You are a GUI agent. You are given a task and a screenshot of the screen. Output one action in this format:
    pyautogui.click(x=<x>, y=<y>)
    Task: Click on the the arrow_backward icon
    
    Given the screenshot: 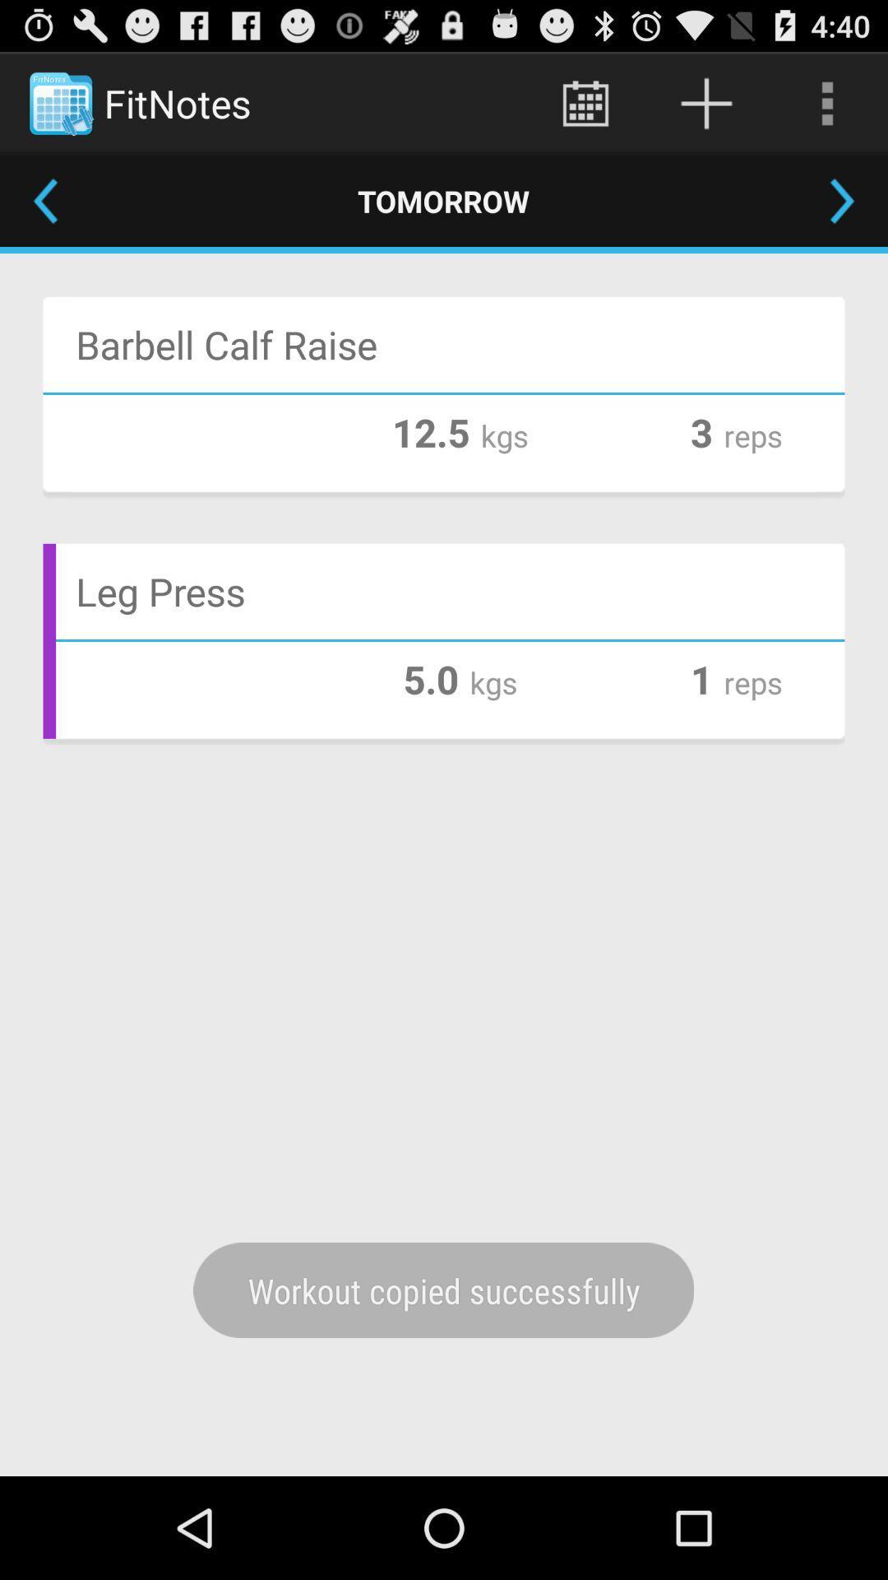 What is the action you would take?
    pyautogui.click(x=44, y=214)
    